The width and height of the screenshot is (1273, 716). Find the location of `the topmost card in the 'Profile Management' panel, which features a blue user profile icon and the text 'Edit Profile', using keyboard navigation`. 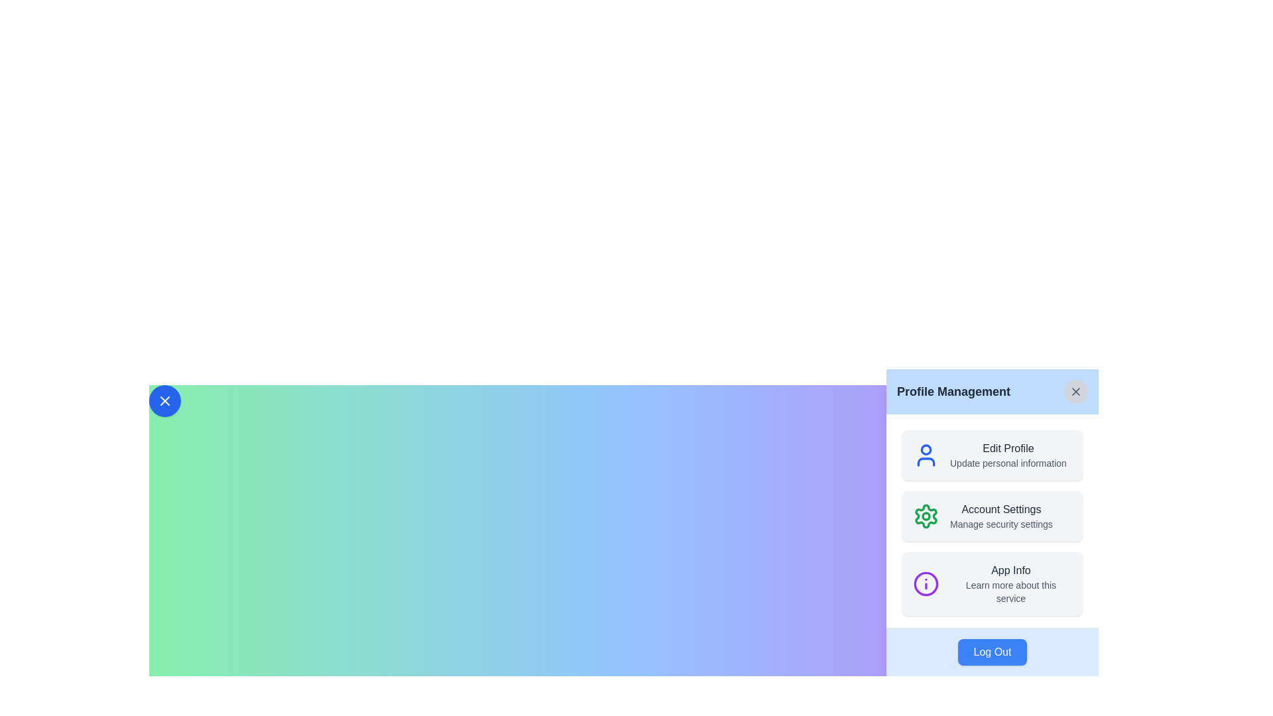

the topmost card in the 'Profile Management' panel, which features a blue user profile icon and the text 'Edit Profile', using keyboard navigation is located at coordinates (993, 454).